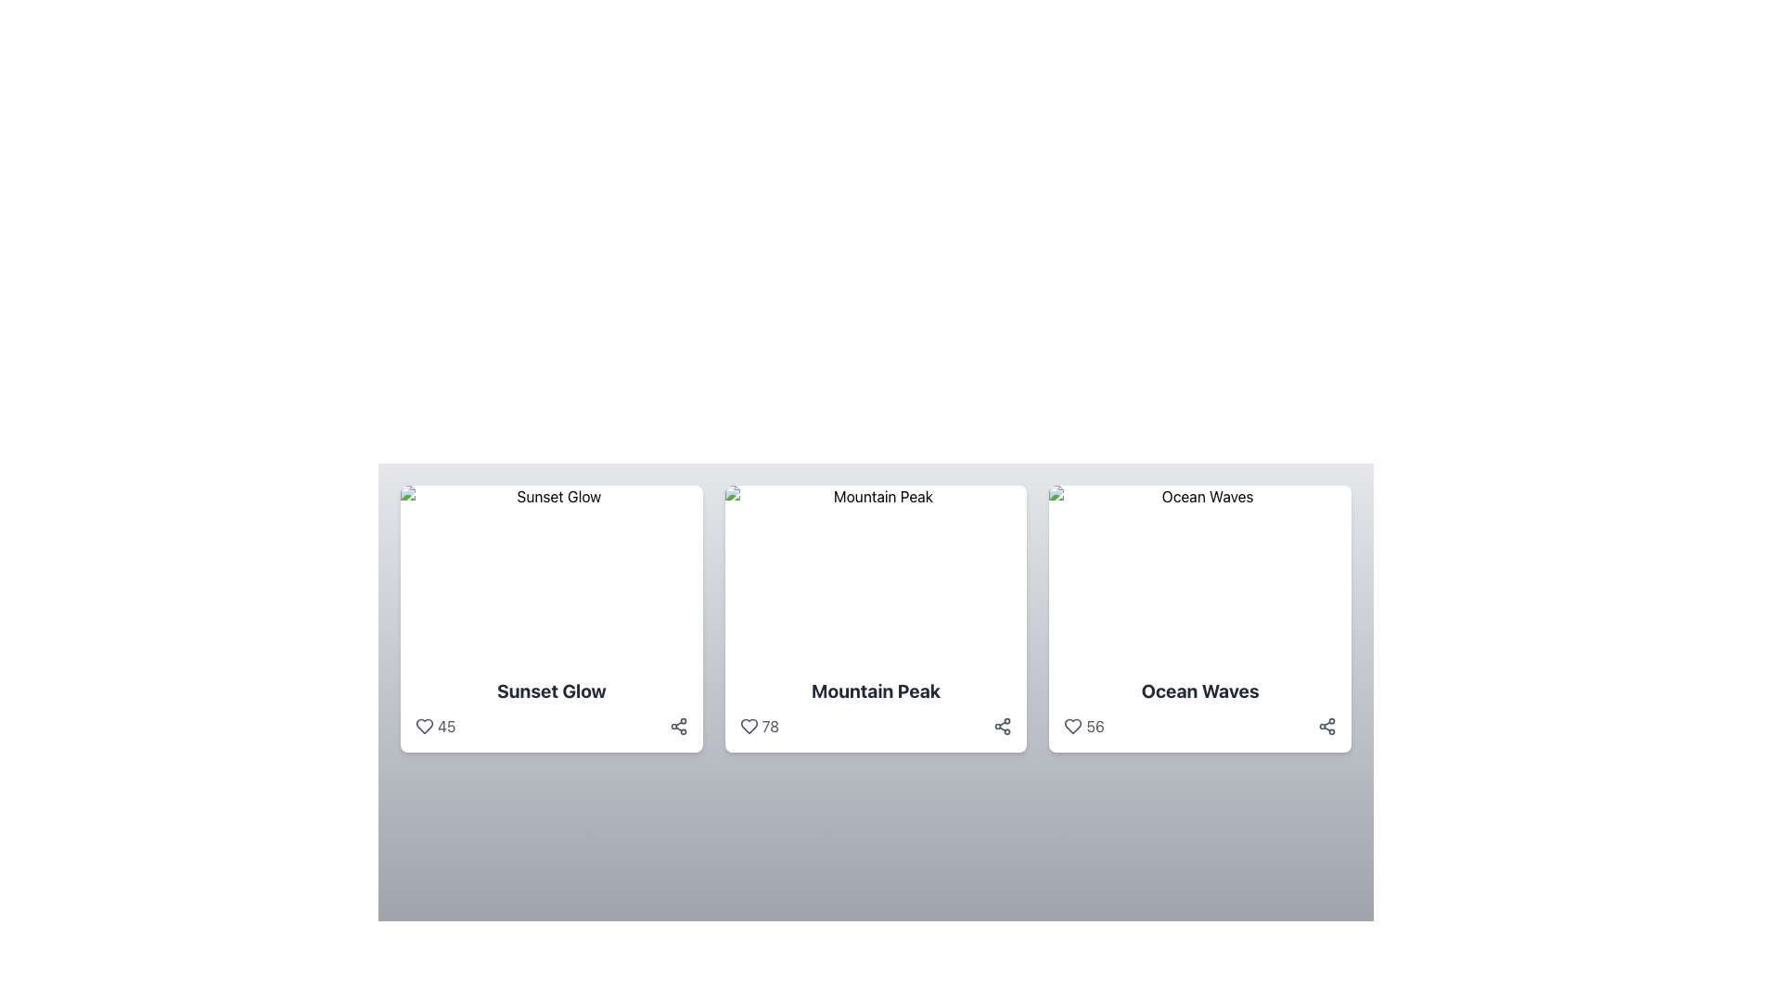 The image size is (1781, 1001). I want to click on the Text Label displaying 'Sunset Glow', which is styled in bold dark gray and located near the bottom of the first card in a horizontal list, so click(550, 691).